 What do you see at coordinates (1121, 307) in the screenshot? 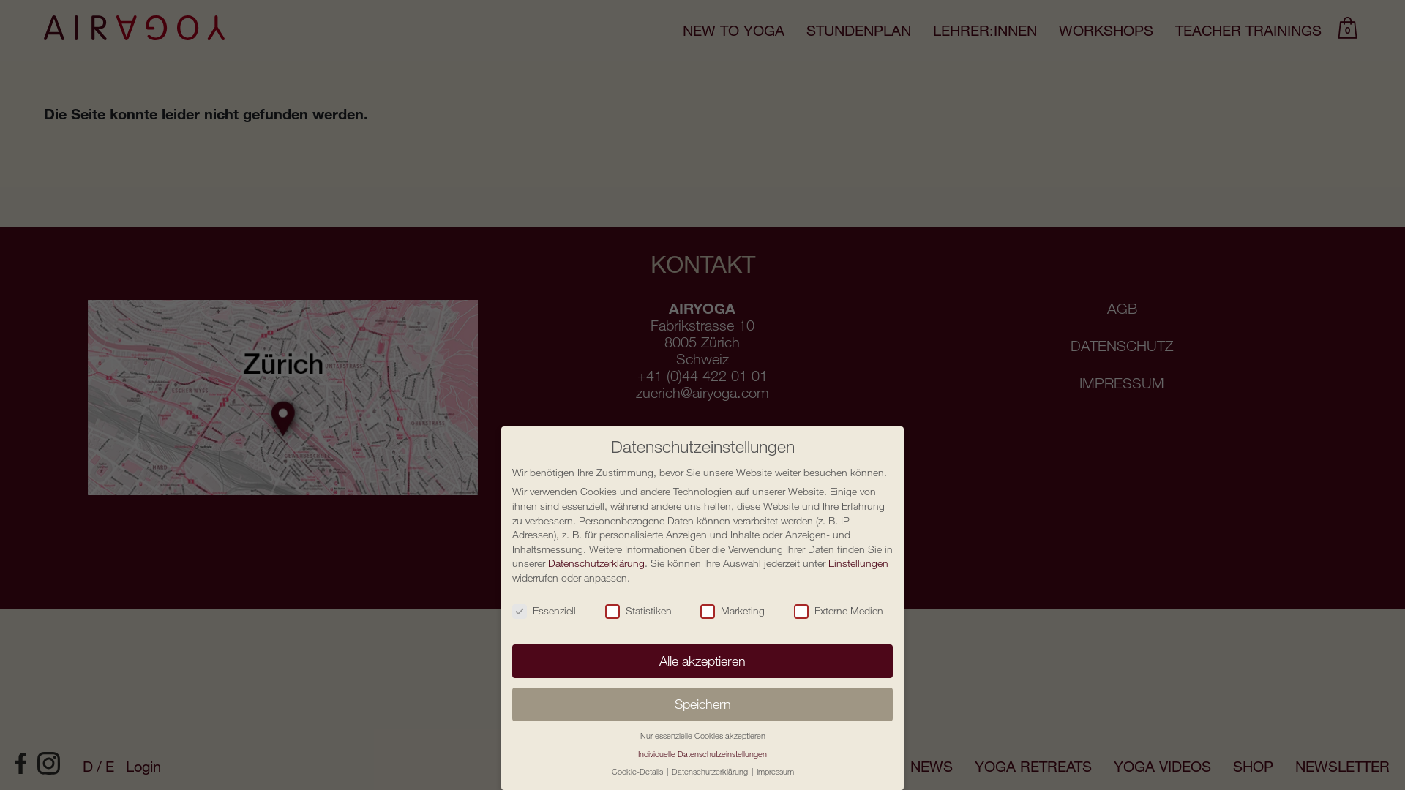
I see `'AGB'` at bounding box center [1121, 307].